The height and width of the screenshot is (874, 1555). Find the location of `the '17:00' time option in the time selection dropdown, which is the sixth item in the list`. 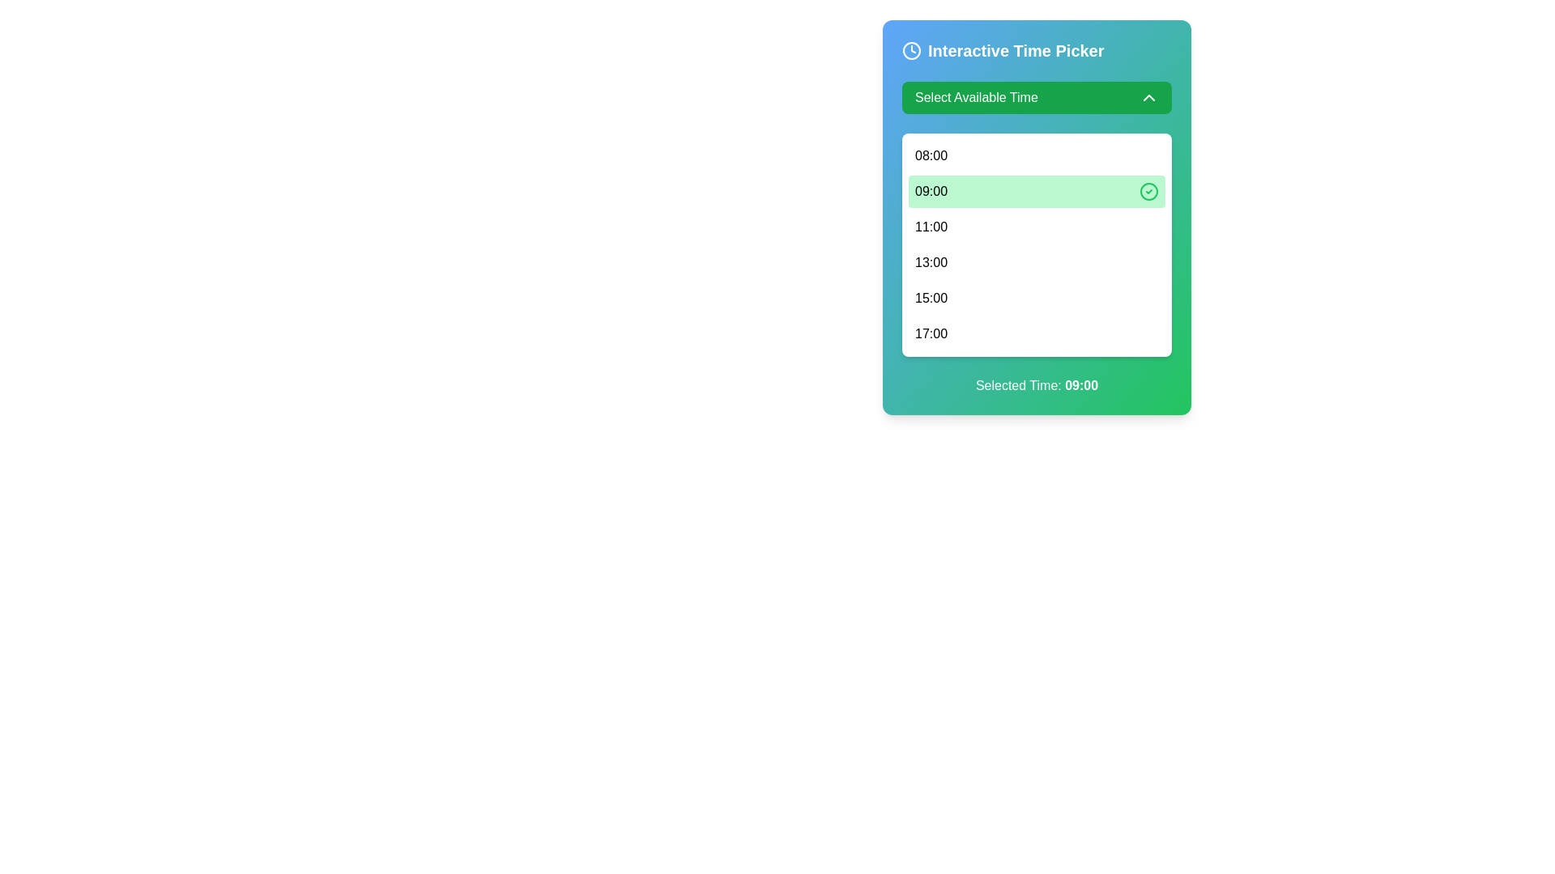

the '17:00' time option in the time selection dropdown, which is the sixth item in the list is located at coordinates (931, 333).